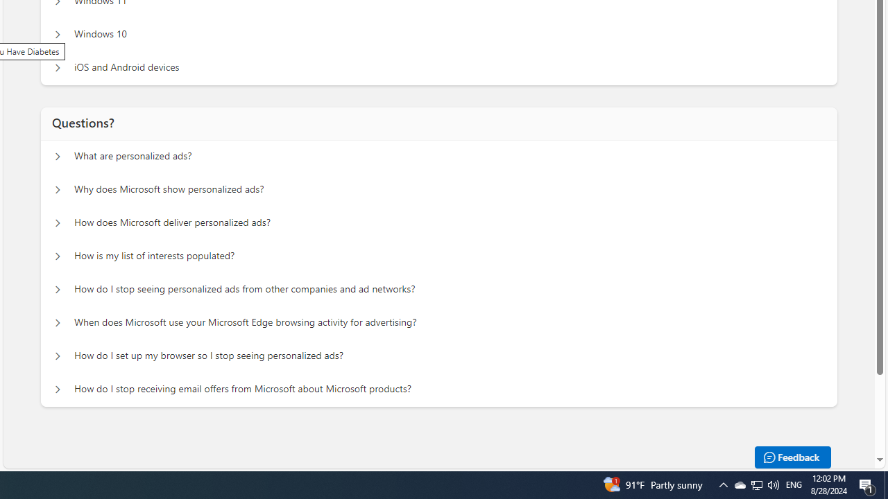 The image size is (888, 499). Describe the element at coordinates (57, 34) in the screenshot. I see `'Manage personalized ads on your device Windows 10'` at that location.